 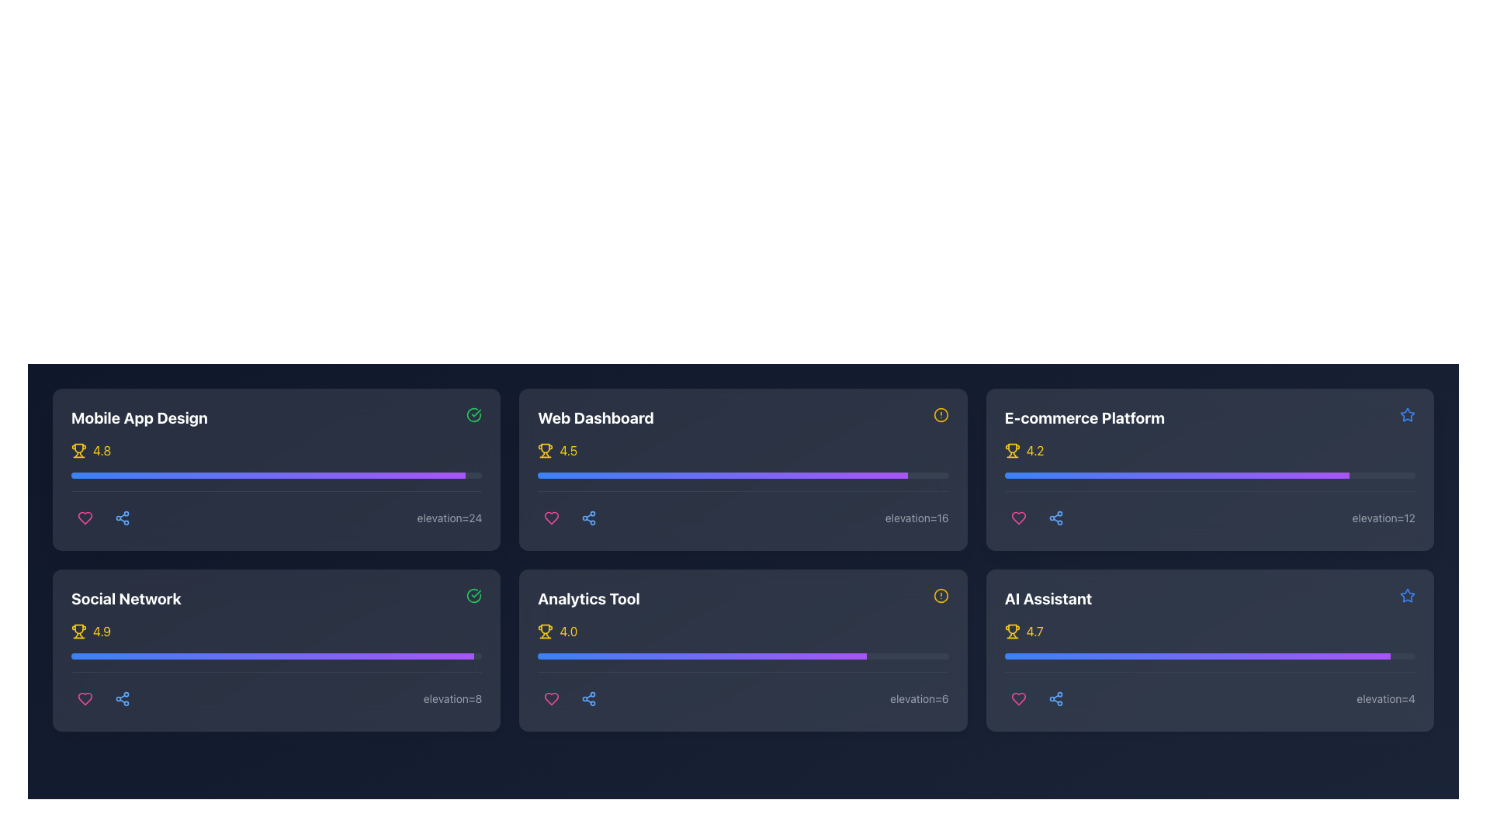 What do you see at coordinates (743, 656) in the screenshot?
I see `the progress bar that visually represents the completion score of '4.0' located in the 'Analytics Tool' section, positioned below the rating and above the 'elevation=6' text` at bounding box center [743, 656].